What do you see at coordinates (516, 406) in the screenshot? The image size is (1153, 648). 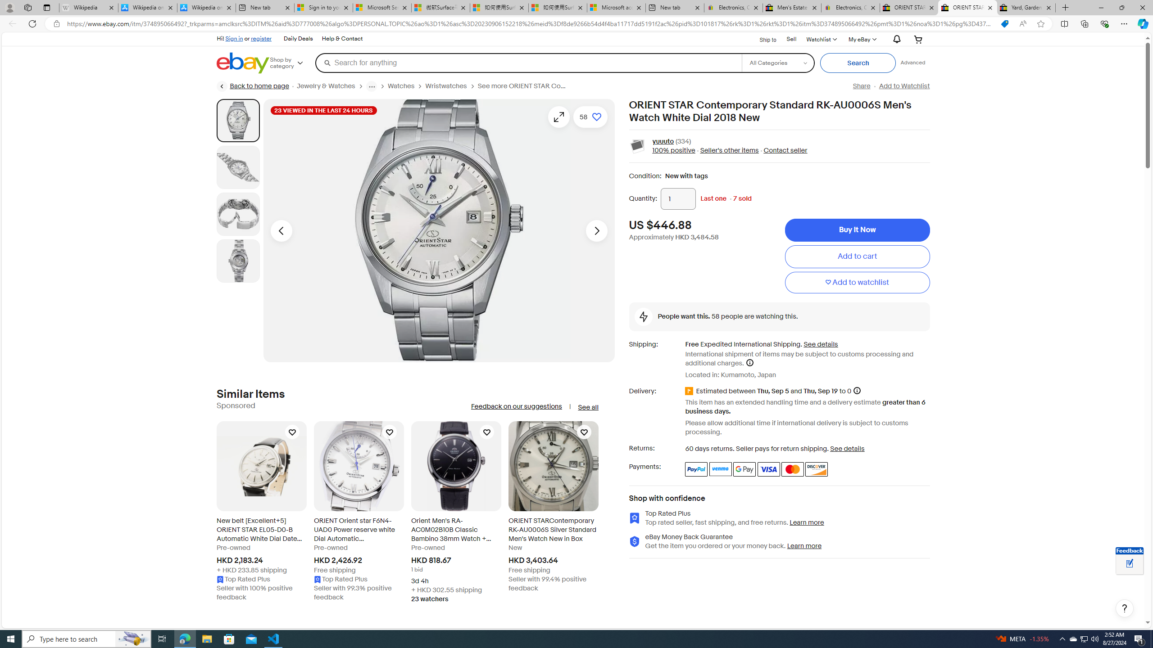 I see `'Feedback on our suggestions'` at bounding box center [516, 406].